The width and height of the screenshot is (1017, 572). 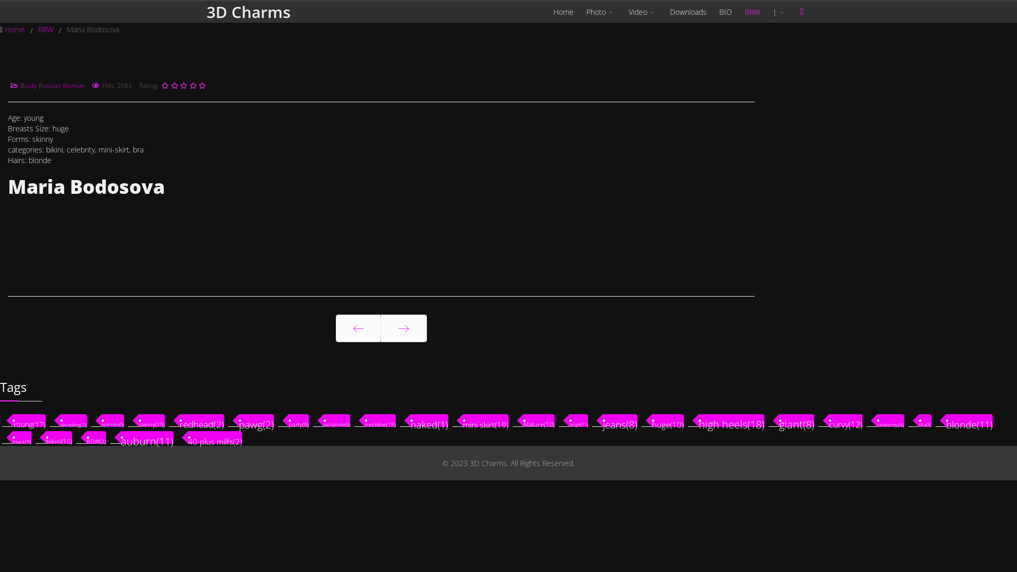 What do you see at coordinates (60, 420) in the screenshot?
I see `'wedding(2)'` at bounding box center [60, 420].